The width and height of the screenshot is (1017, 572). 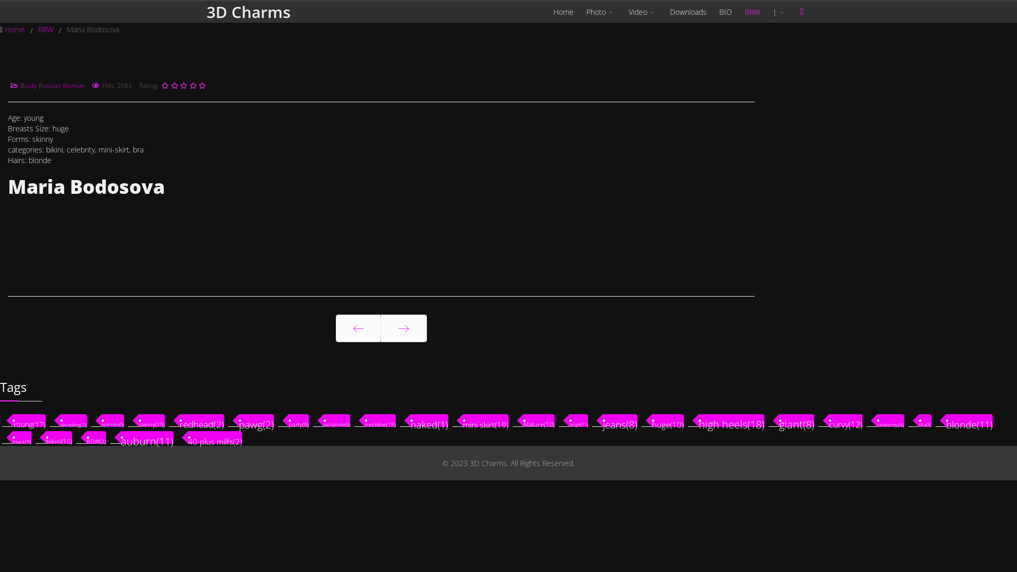 What do you see at coordinates (60, 420) in the screenshot?
I see `'wedding(2)'` at bounding box center [60, 420].